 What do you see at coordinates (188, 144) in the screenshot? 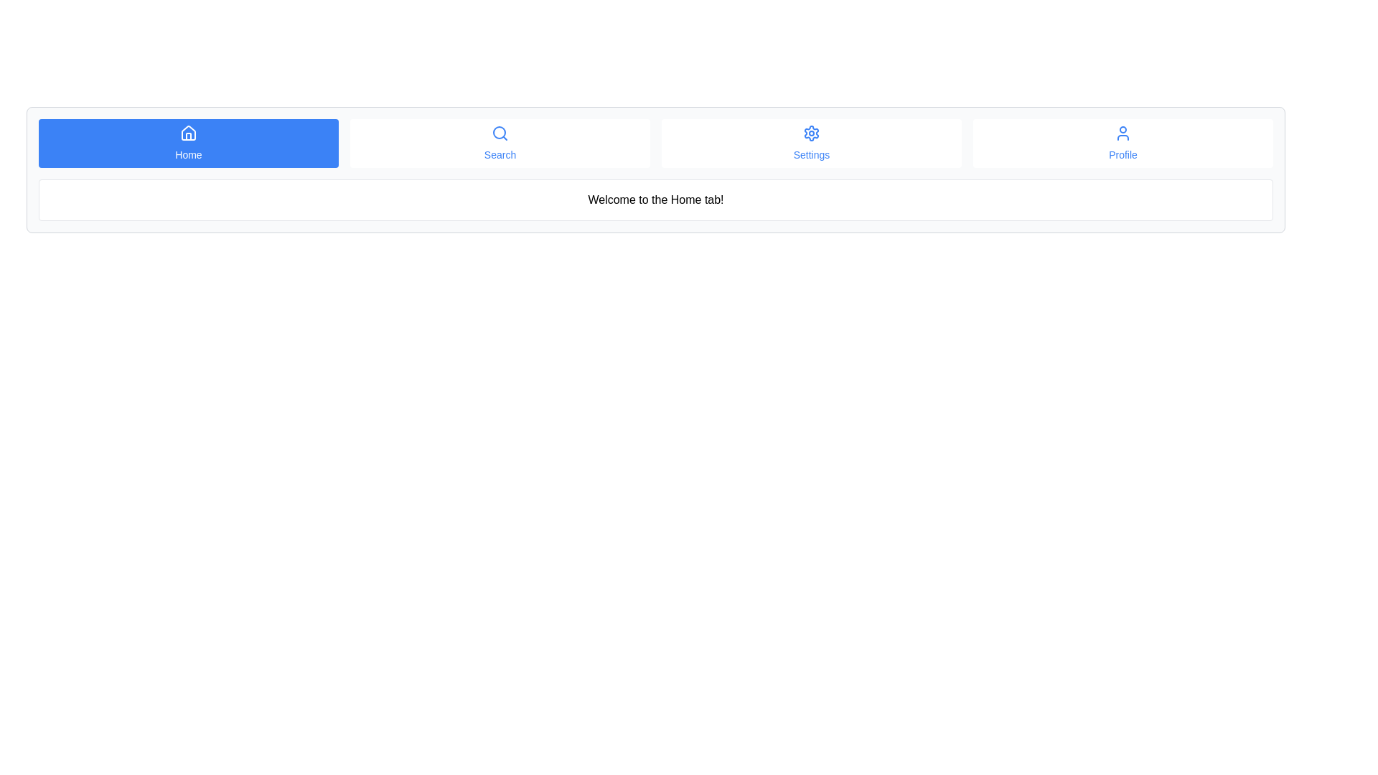
I see `the 'Home' button, which is the first button in a horizontal navigation bar with a blue background and white text` at bounding box center [188, 144].